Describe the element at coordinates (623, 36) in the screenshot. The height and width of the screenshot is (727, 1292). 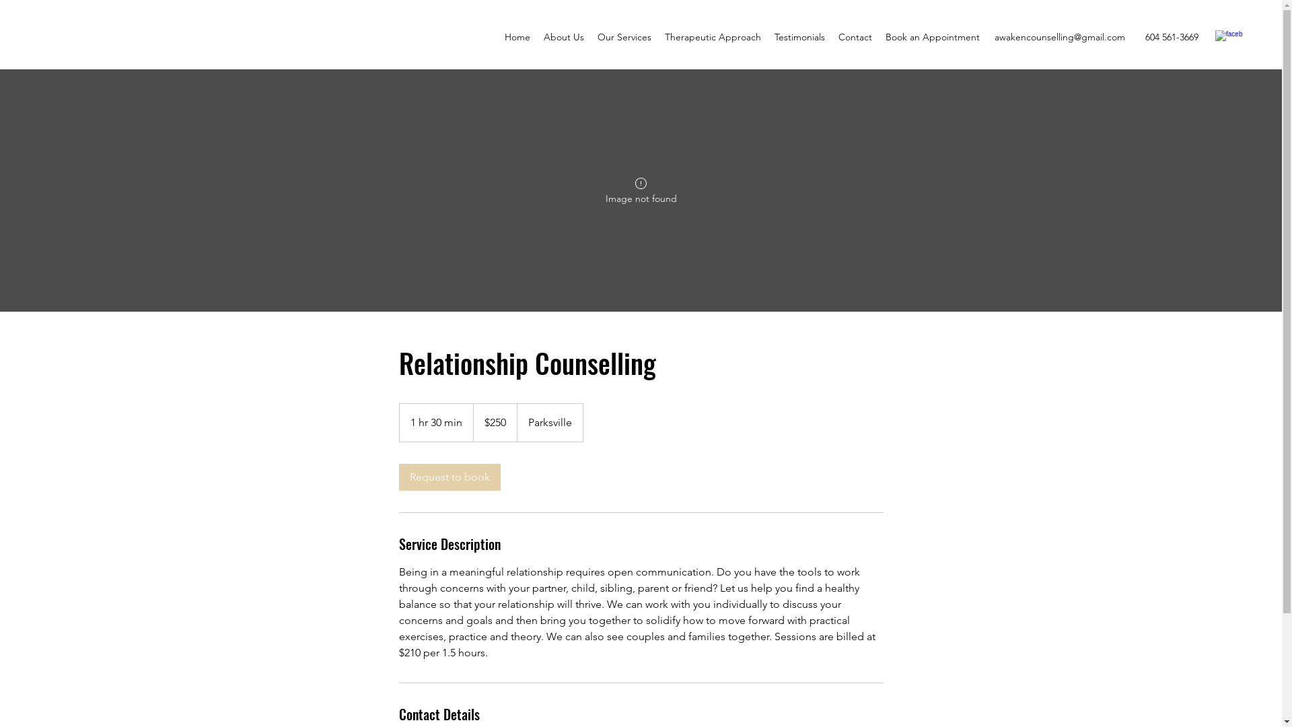
I see `'Our Services'` at that location.